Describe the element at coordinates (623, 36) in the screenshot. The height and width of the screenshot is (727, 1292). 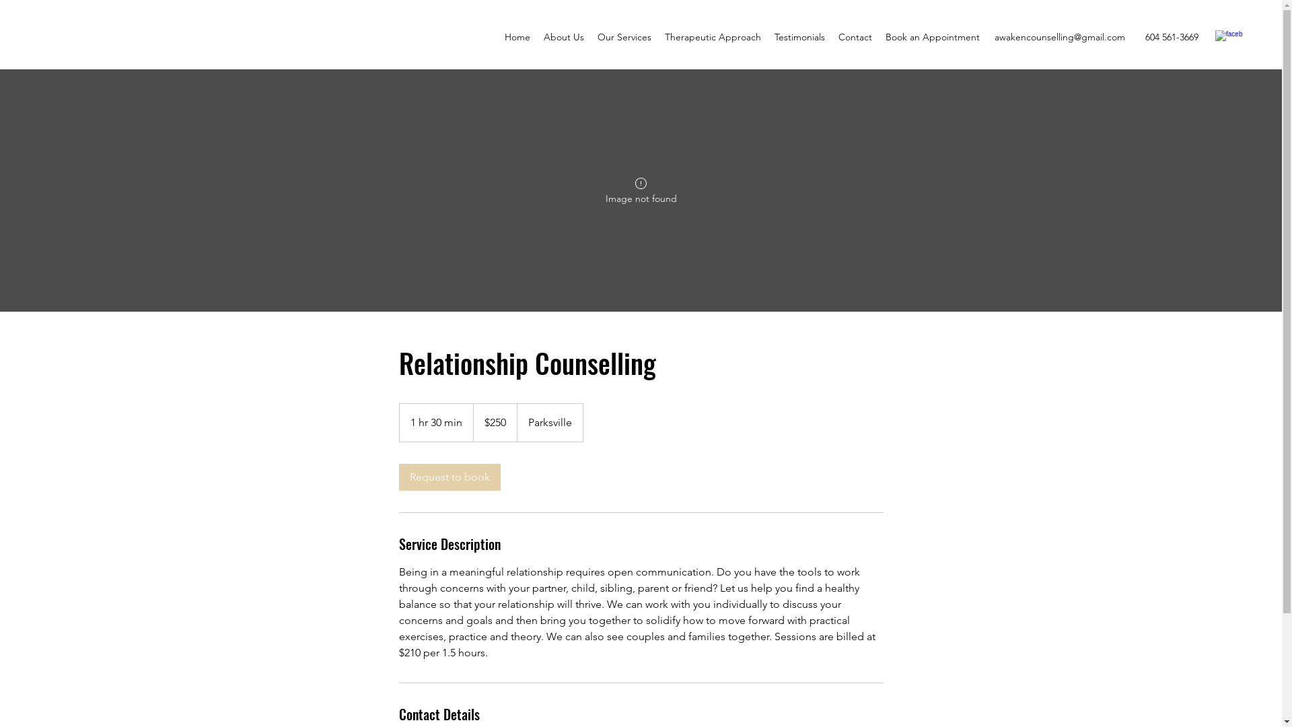
I see `'Our Services'` at that location.